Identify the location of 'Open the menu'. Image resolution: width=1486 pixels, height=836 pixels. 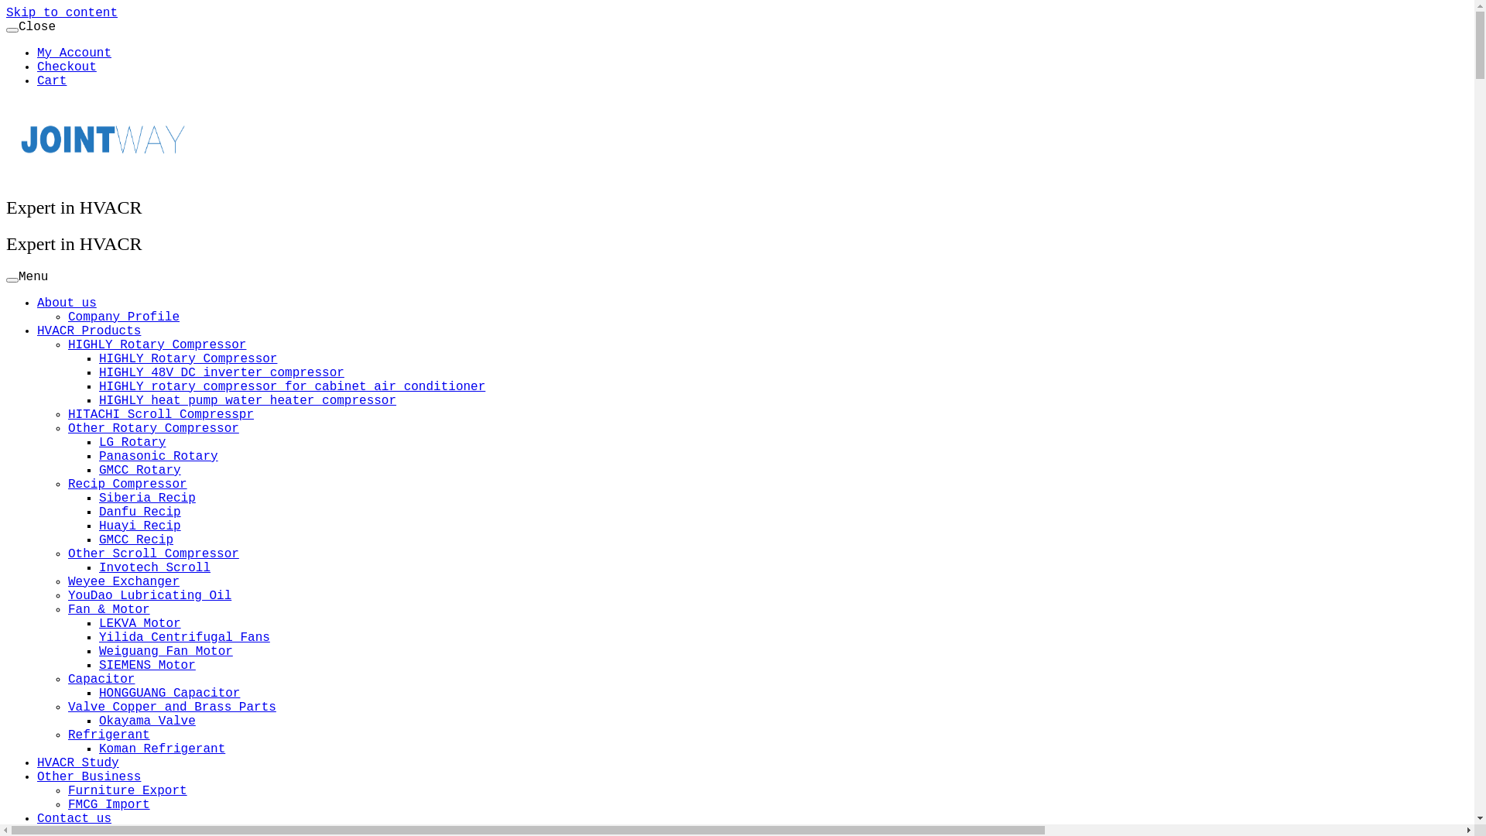
(12, 280).